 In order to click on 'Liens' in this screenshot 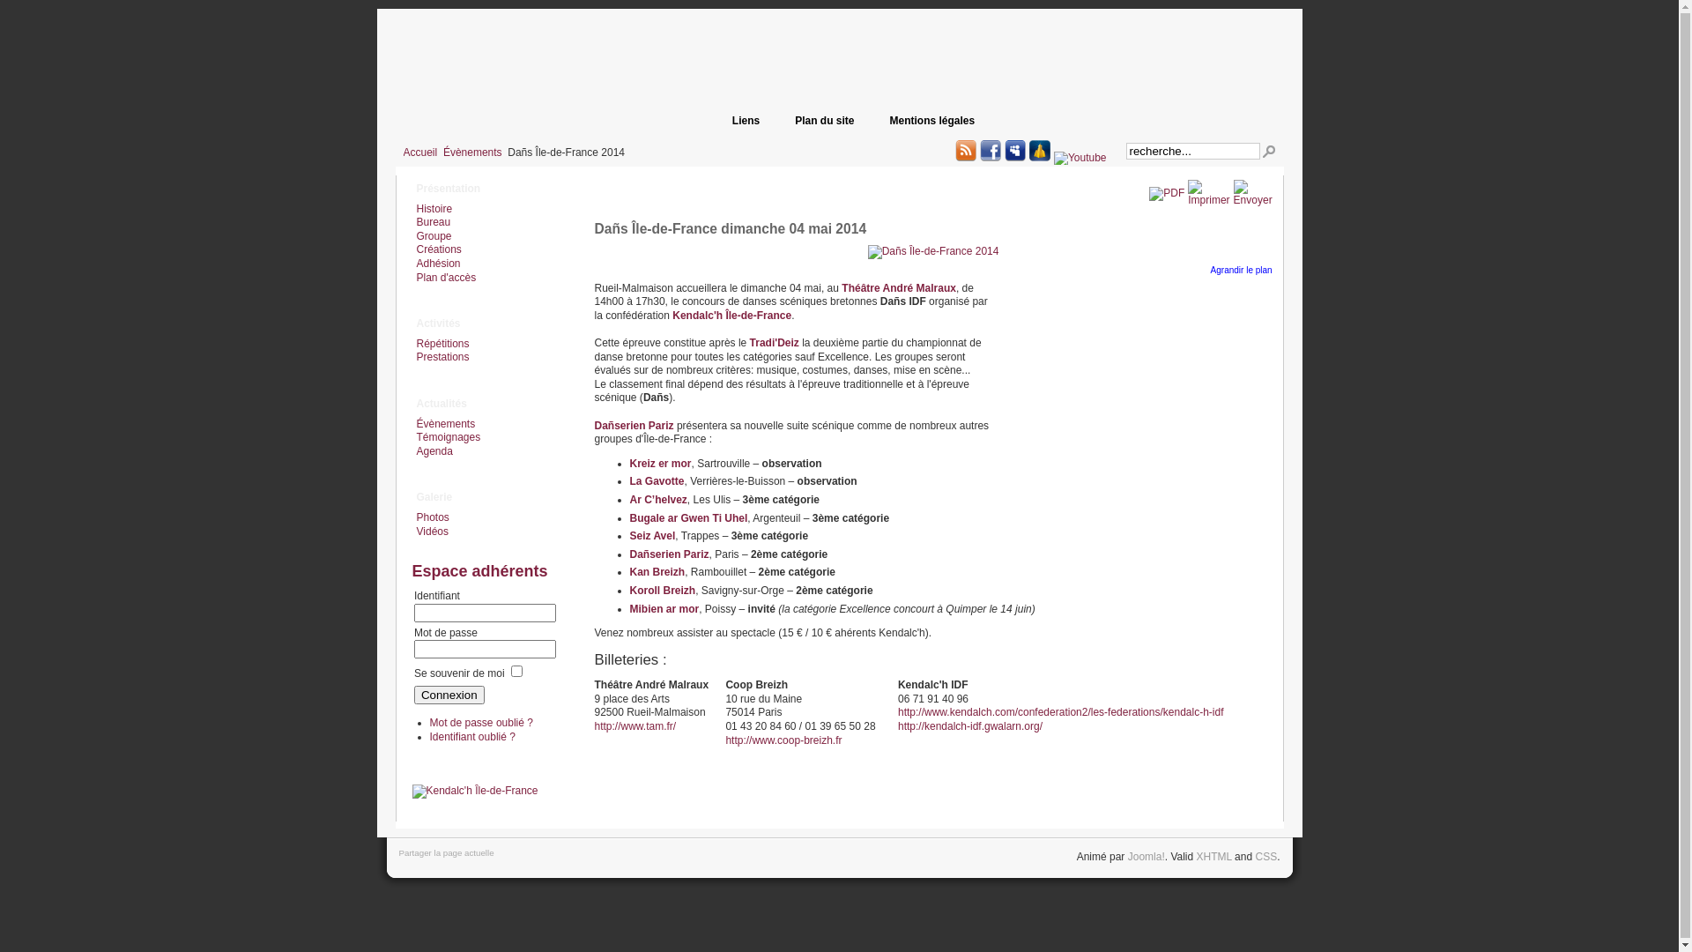, I will do `click(746, 120)`.